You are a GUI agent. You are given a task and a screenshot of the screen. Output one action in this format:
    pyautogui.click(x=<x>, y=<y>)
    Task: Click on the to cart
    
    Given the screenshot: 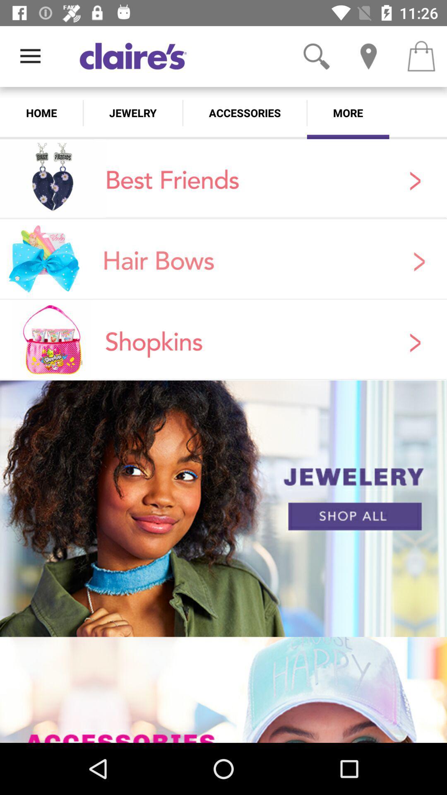 What is the action you would take?
    pyautogui.click(x=421, y=56)
    